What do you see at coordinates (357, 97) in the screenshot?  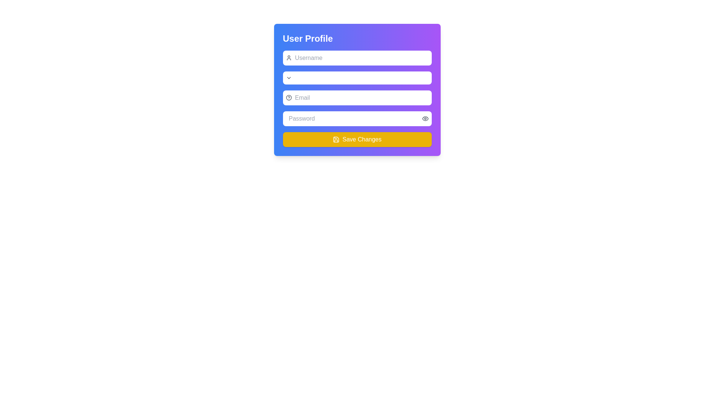 I see `the email input field in the 'User Profile' section` at bounding box center [357, 97].